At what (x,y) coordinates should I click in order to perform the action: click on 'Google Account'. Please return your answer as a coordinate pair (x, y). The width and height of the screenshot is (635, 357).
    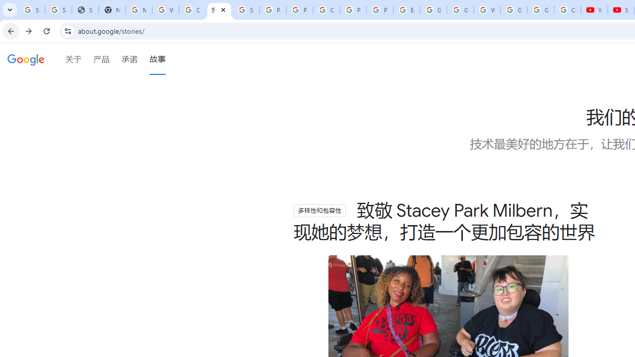
    Looking at the image, I should click on (540, 10).